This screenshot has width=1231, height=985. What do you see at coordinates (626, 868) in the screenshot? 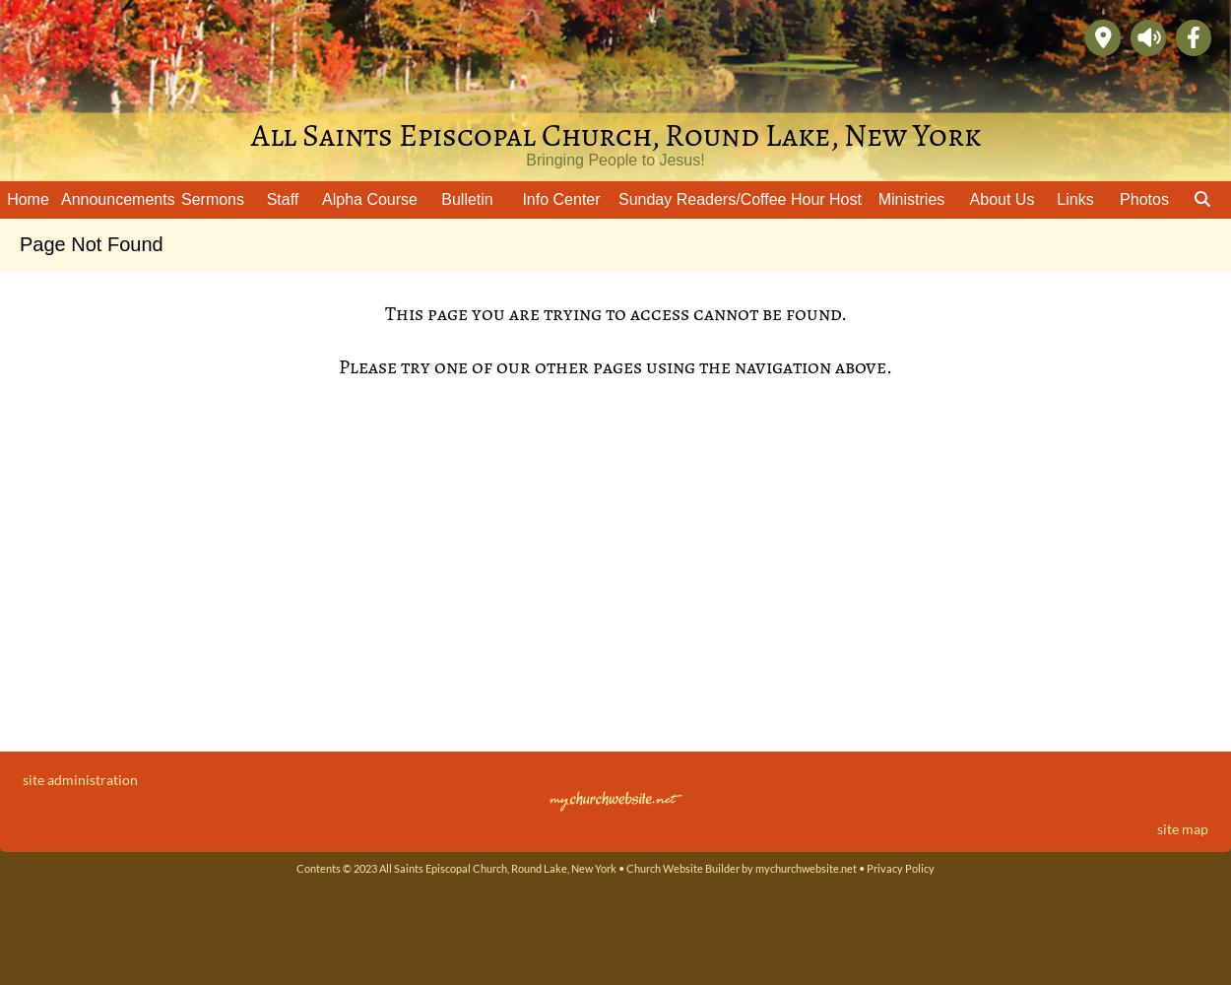
I see `'Church Website Builder by mychurchwebsite.net'` at bounding box center [626, 868].